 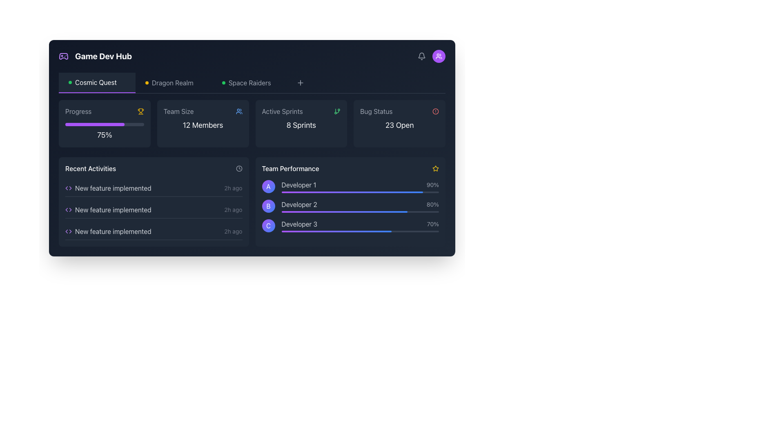 I want to click on the interactive gradient progress bar representing 'Developer 3' under the 'Team Performance' section, so click(x=336, y=232).